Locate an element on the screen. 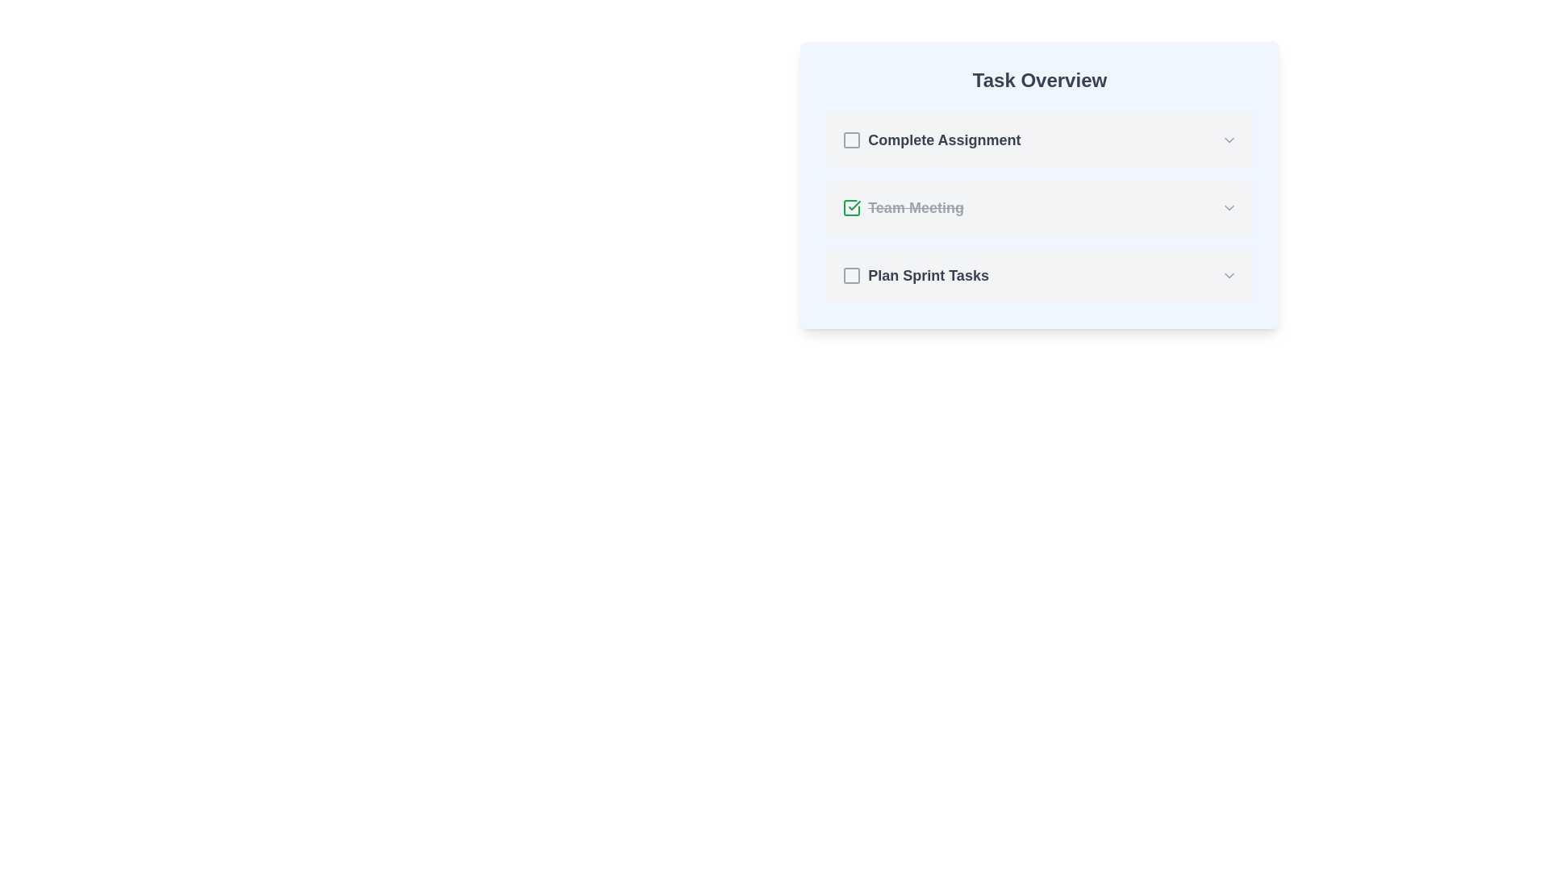  the dropdown arrow of the topmost list item titled 'Complete Assignment' in the Task Overview section is located at coordinates (1040, 139).